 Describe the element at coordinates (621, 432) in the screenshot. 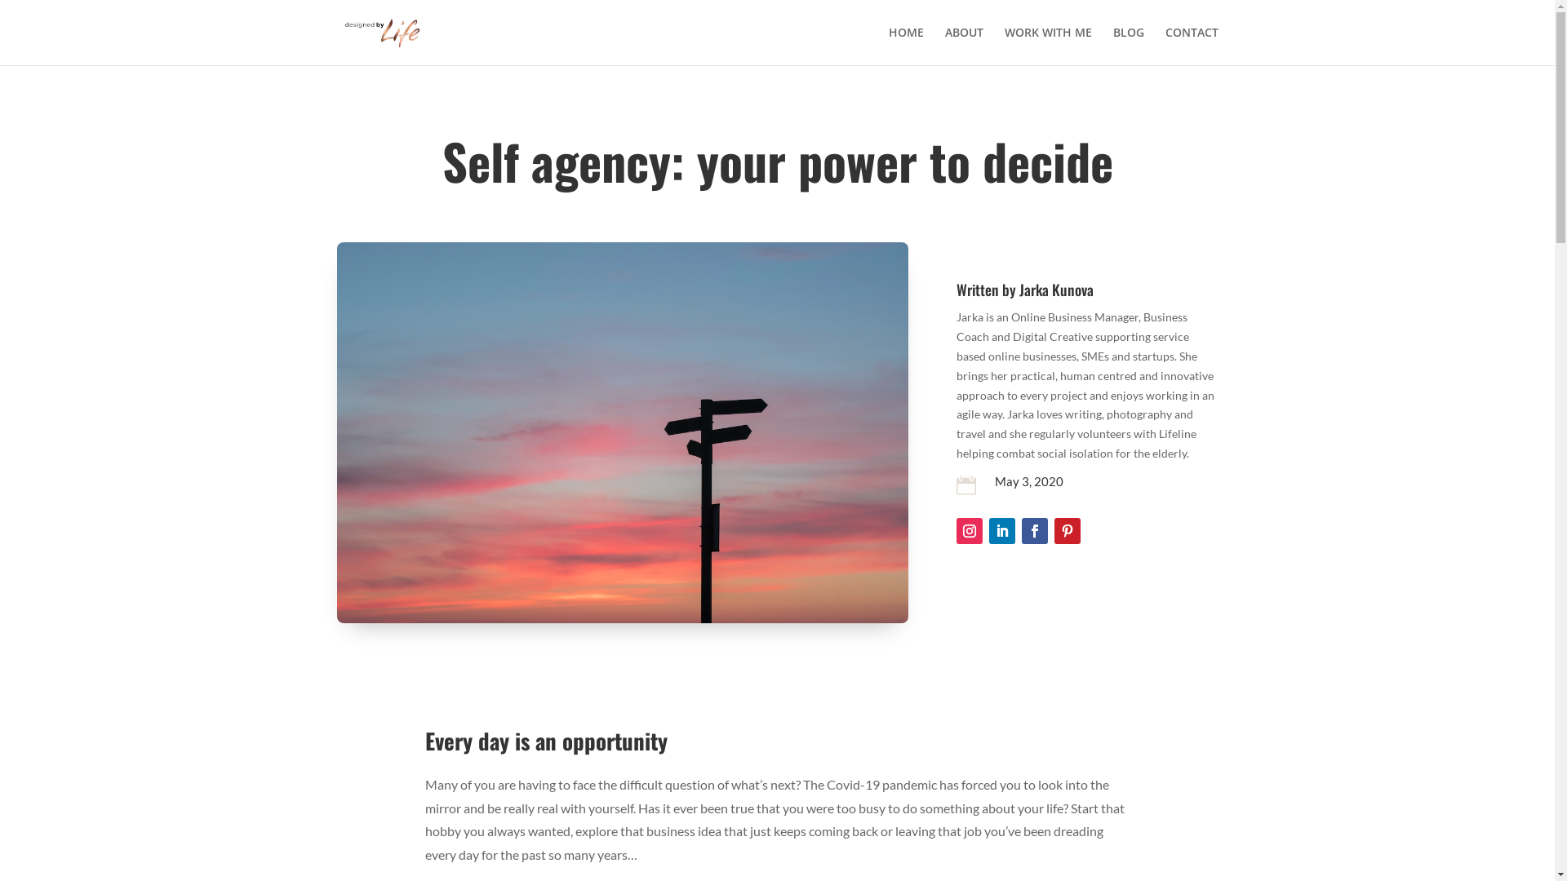

I see `'decisions'` at that location.